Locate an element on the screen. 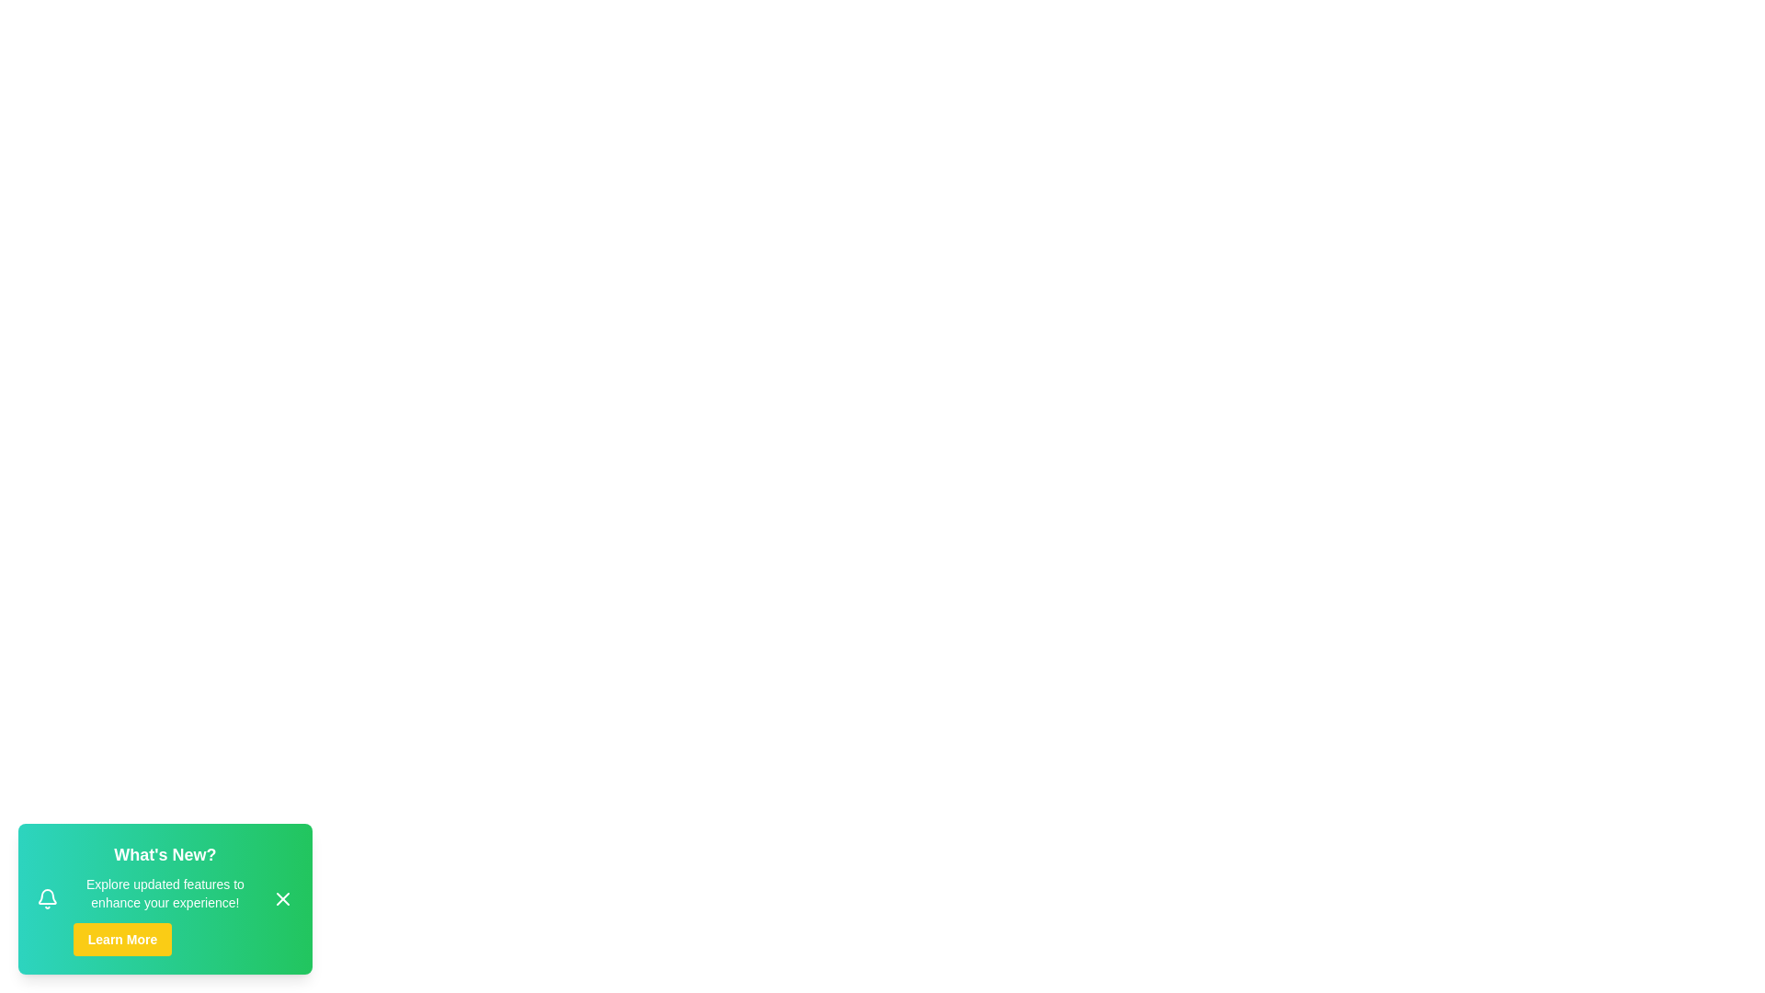  the 'Learn More' button to trigger its hover effect is located at coordinates (121, 940).